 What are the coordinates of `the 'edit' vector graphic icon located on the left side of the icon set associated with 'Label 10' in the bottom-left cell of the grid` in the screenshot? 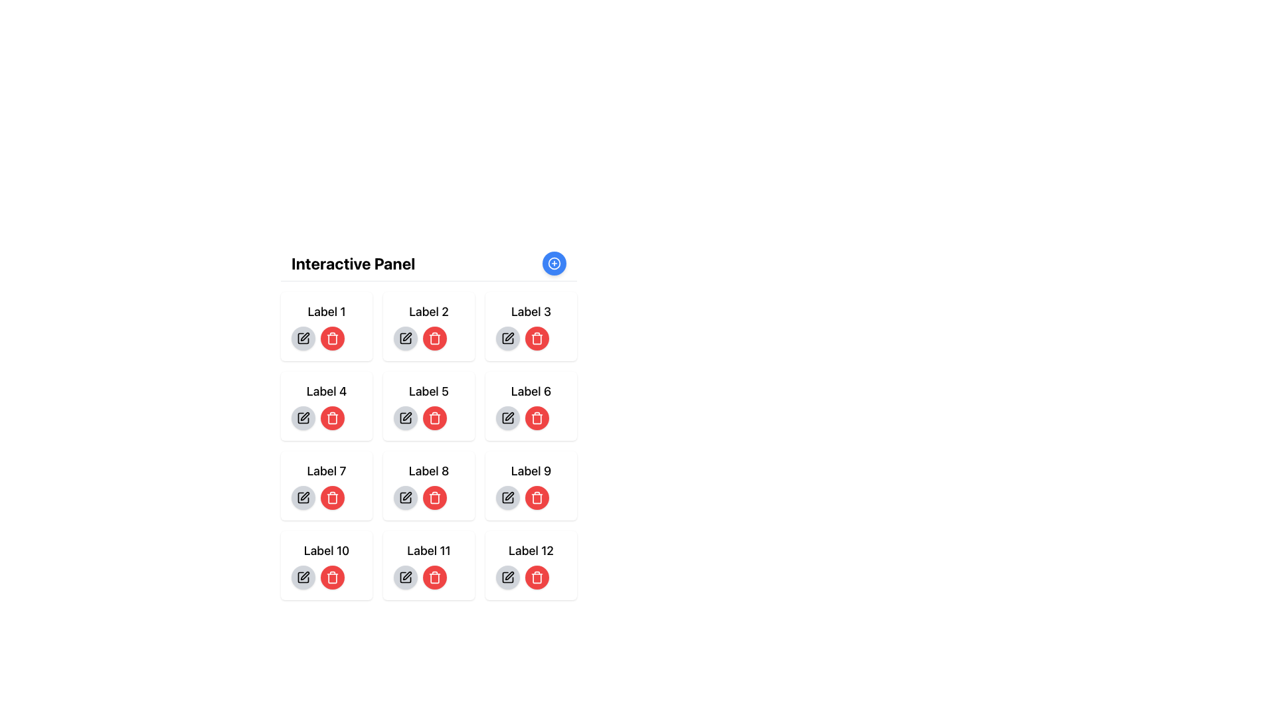 It's located at (304, 575).